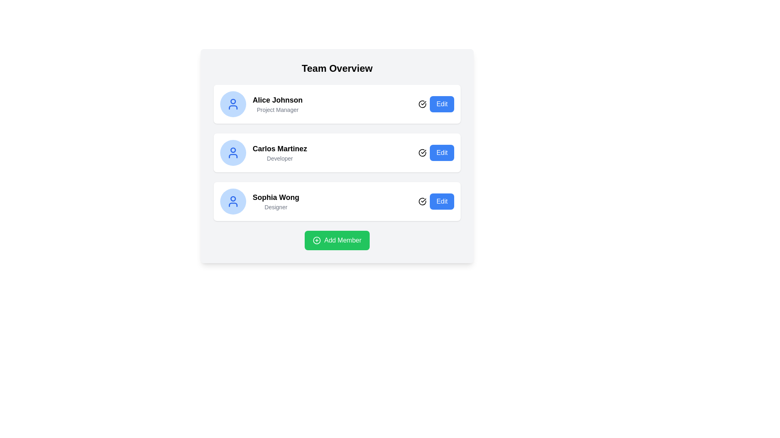  I want to click on the green button labeled 'Add Member' which has a decorative circular SVG element positioned centrally within it, so click(316, 240).